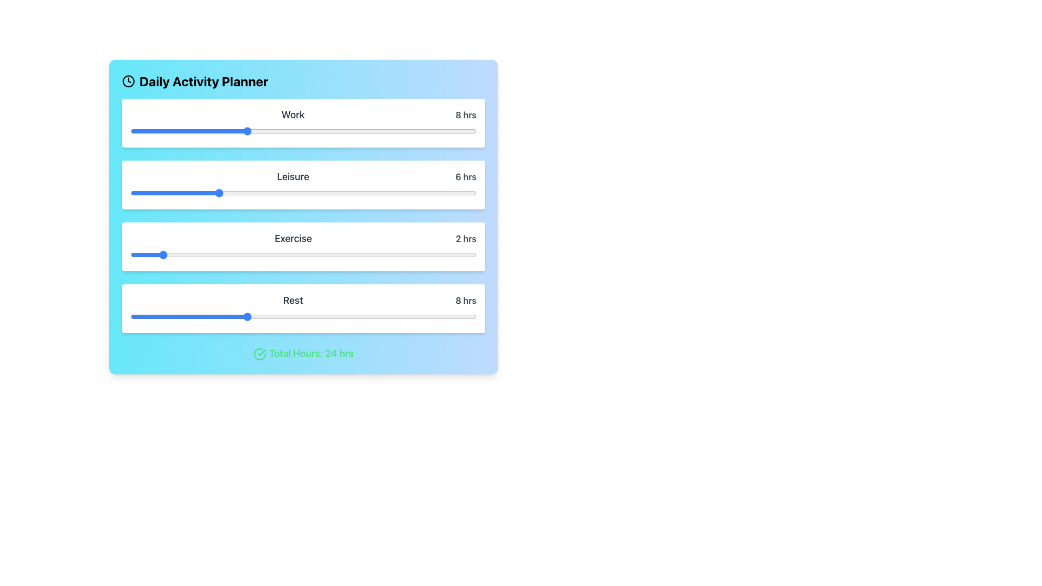  What do you see at coordinates (245, 192) in the screenshot?
I see `leisure hours` at bounding box center [245, 192].